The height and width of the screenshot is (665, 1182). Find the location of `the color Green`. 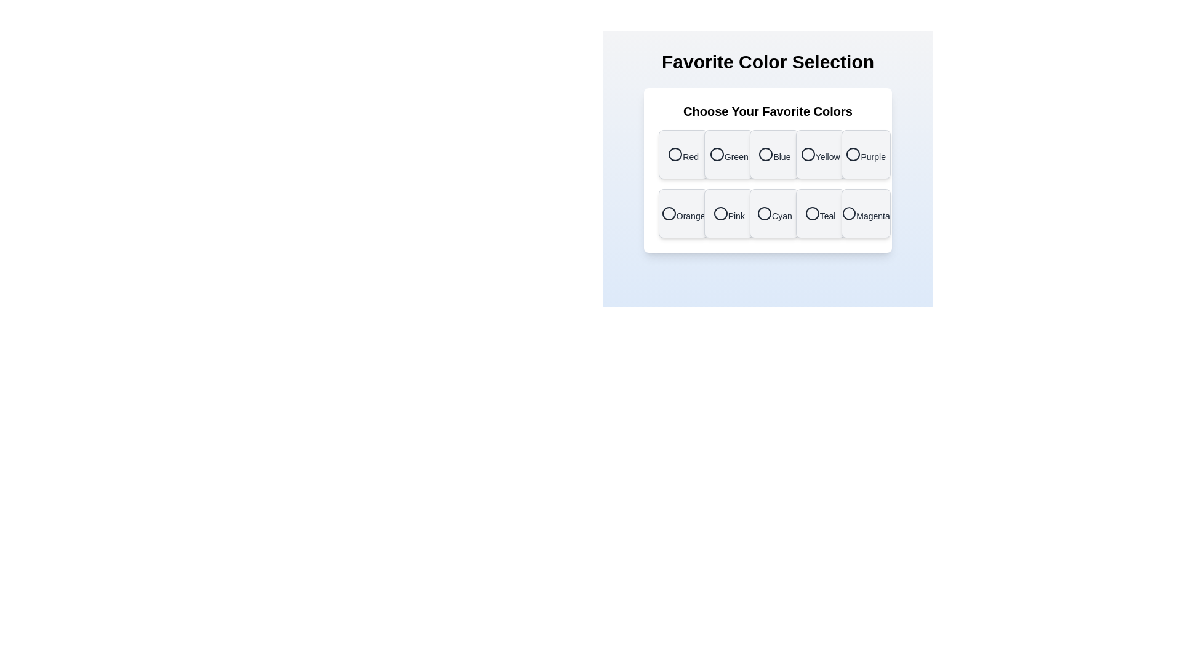

the color Green is located at coordinates (729, 153).